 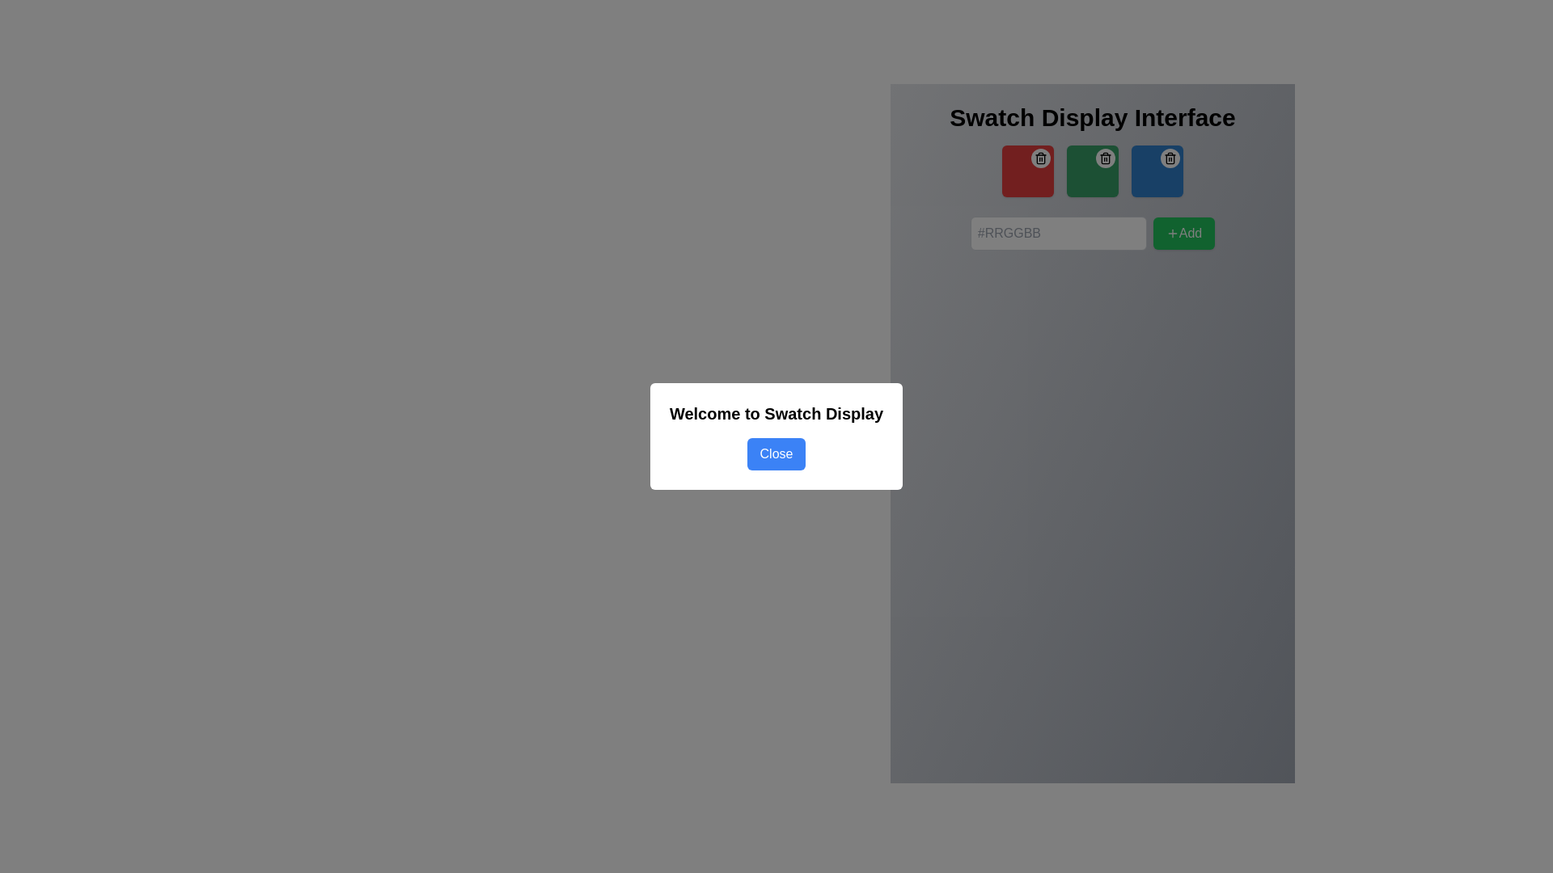 What do you see at coordinates (1170, 158) in the screenshot?
I see `the small circular button with a trash can icon located at the top-right of the blue rectangular swatch` at bounding box center [1170, 158].